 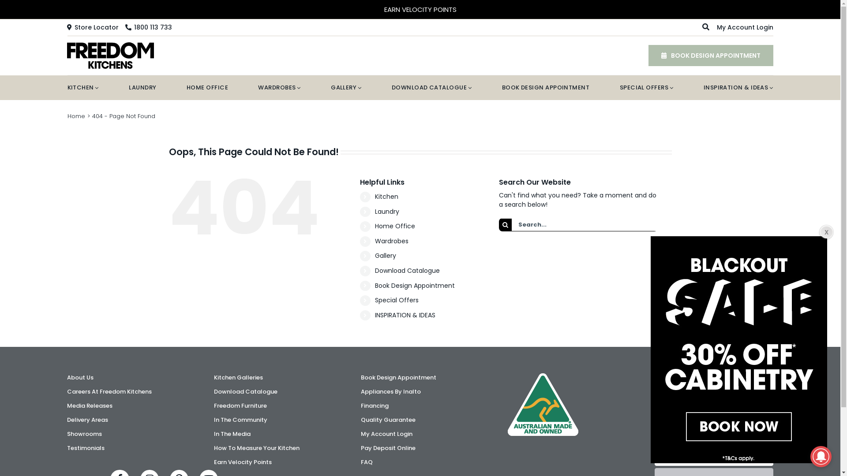 What do you see at coordinates (93, 26) in the screenshot?
I see `'Store Locator'` at bounding box center [93, 26].